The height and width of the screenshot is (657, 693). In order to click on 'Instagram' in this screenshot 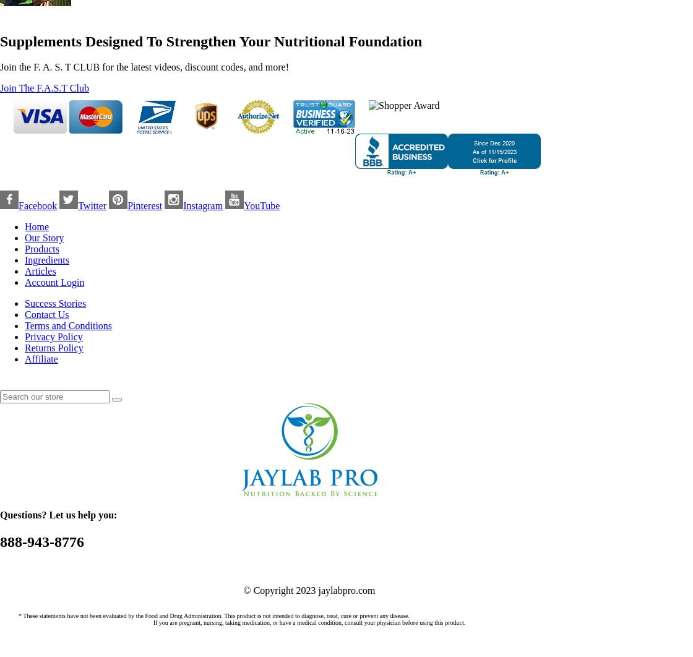, I will do `click(203, 205)`.